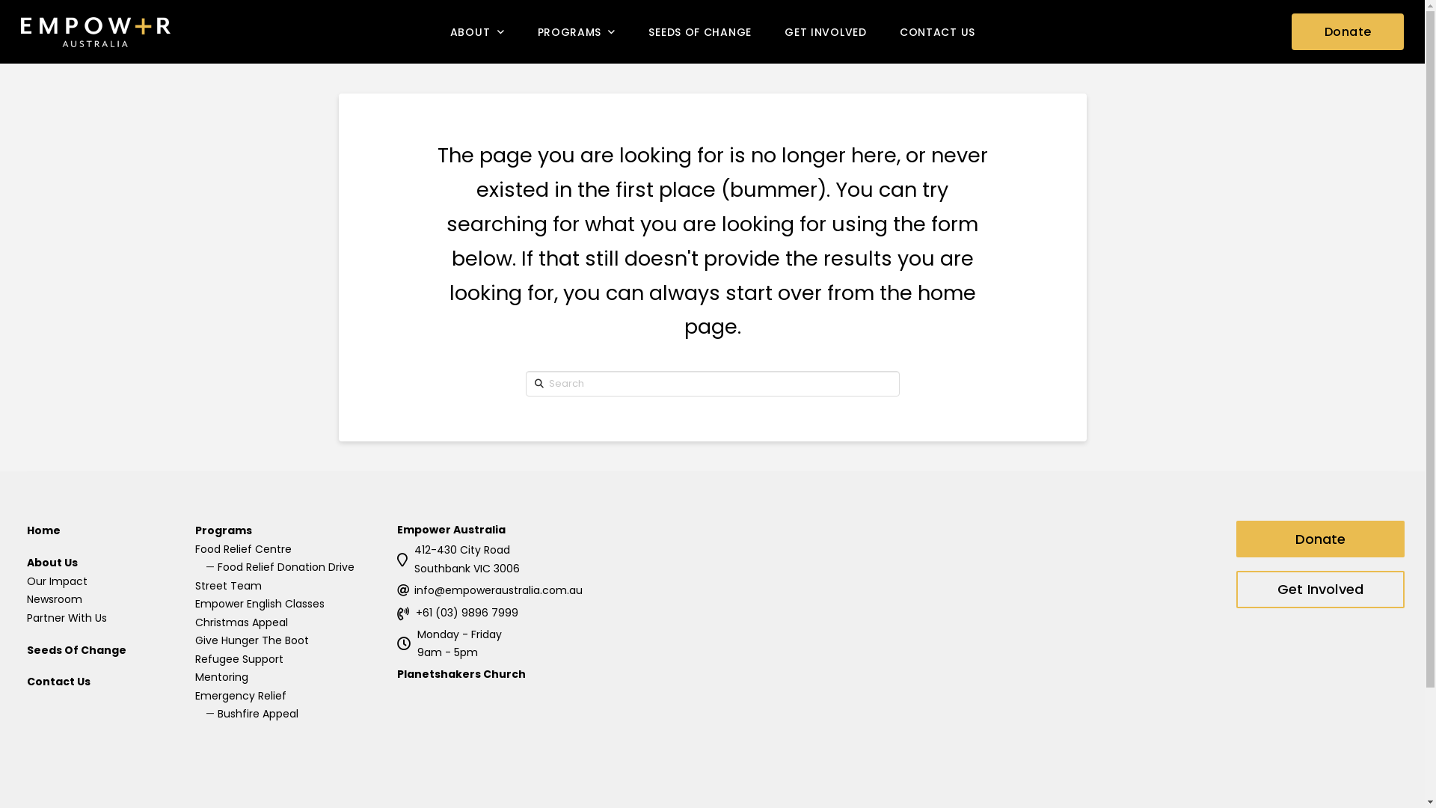 The width and height of the screenshot is (1436, 808). I want to click on 'Get Involved', so click(1236, 588).